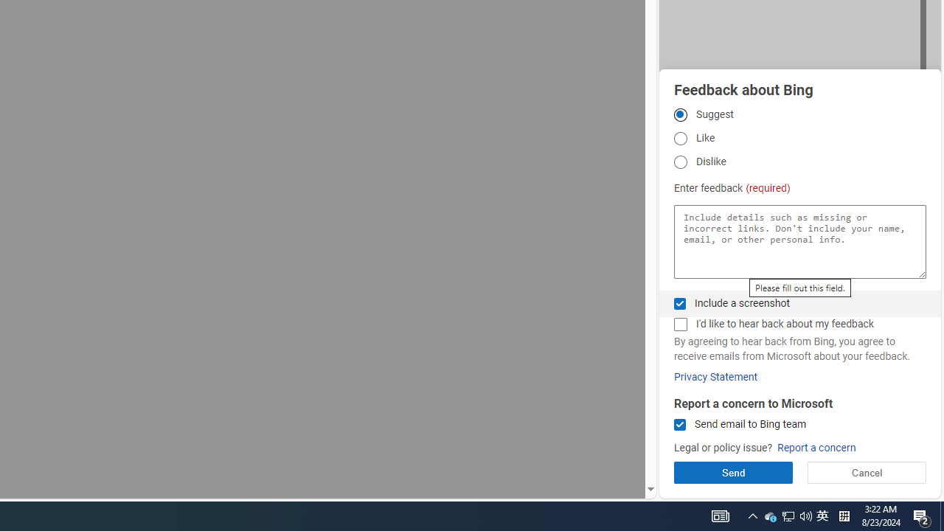 The height and width of the screenshot is (531, 944). What do you see at coordinates (679, 139) in the screenshot?
I see `'Like'` at bounding box center [679, 139].